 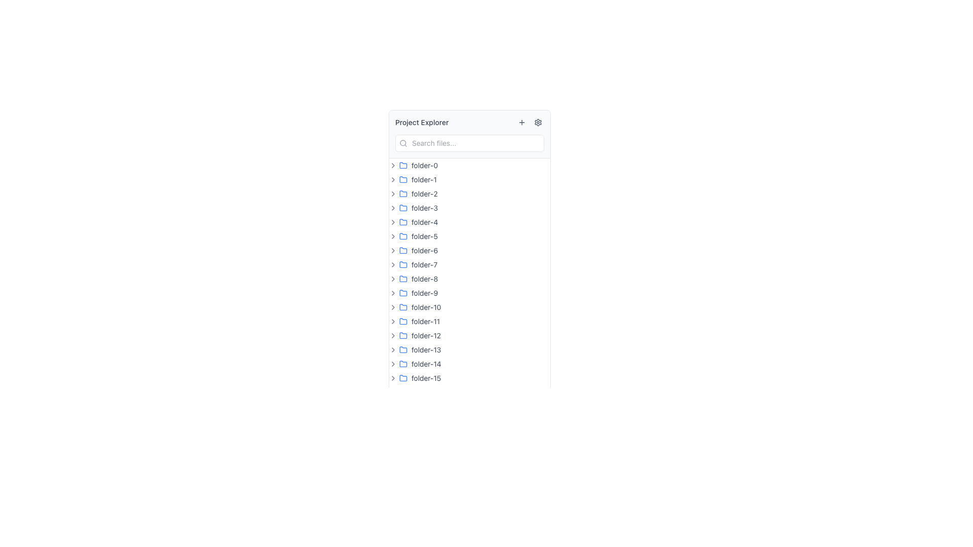 I want to click on the small right-facing chevron arrow icon, which is located immediately to the left of the 'folder-6' icon in the project explorer, so click(x=393, y=250).